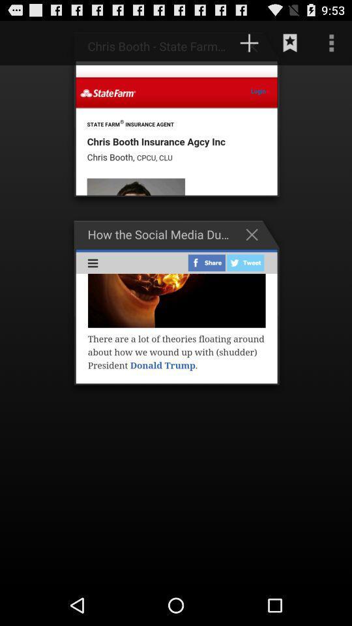  Describe the element at coordinates (255, 49) in the screenshot. I see `the add icon` at that location.